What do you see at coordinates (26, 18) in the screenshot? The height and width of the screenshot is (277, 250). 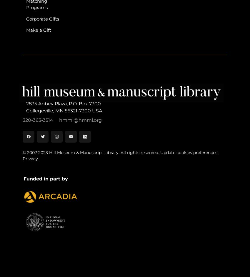 I see `'Corporate Gifts'` at bounding box center [26, 18].